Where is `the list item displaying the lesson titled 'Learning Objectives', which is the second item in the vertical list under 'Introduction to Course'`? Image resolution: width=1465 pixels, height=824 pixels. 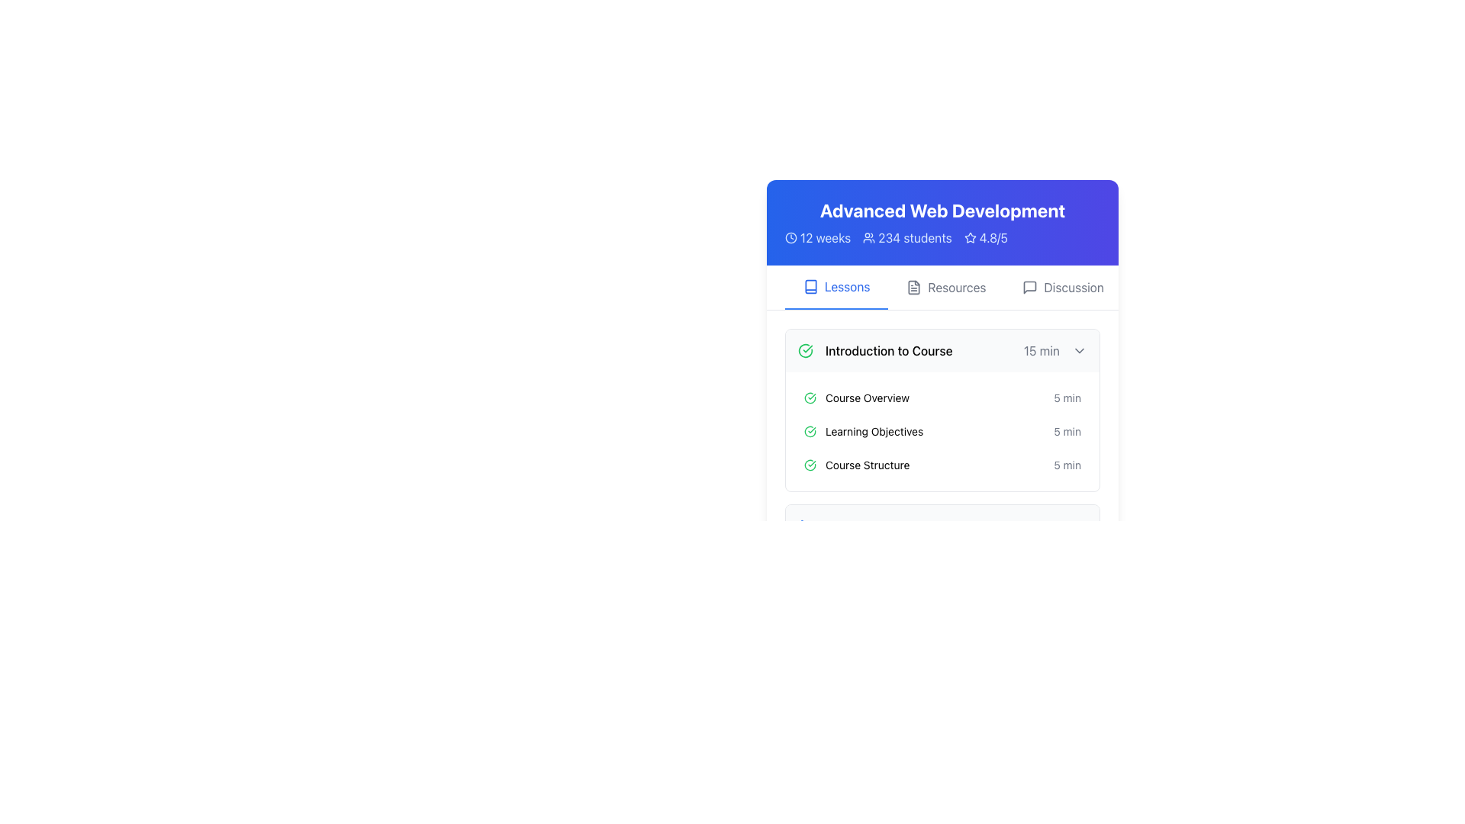 the list item displaying the lesson titled 'Learning Objectives', which is the second item in the vertical list under 'Introduction to Course' is located at coordinates (942, 438).